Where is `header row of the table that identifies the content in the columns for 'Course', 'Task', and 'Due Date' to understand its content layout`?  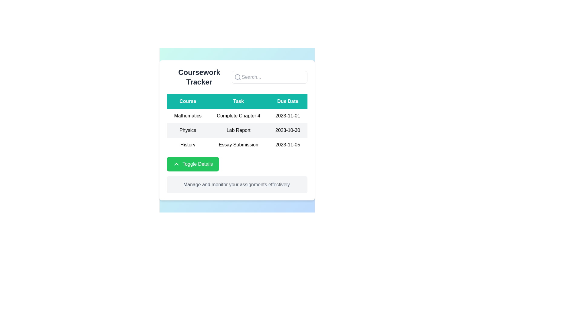
header row of the table that identifies the content in the columns for 'Course', 'Task', and 'Due Date' to understand its content layout is located at coordinates (237, 101).